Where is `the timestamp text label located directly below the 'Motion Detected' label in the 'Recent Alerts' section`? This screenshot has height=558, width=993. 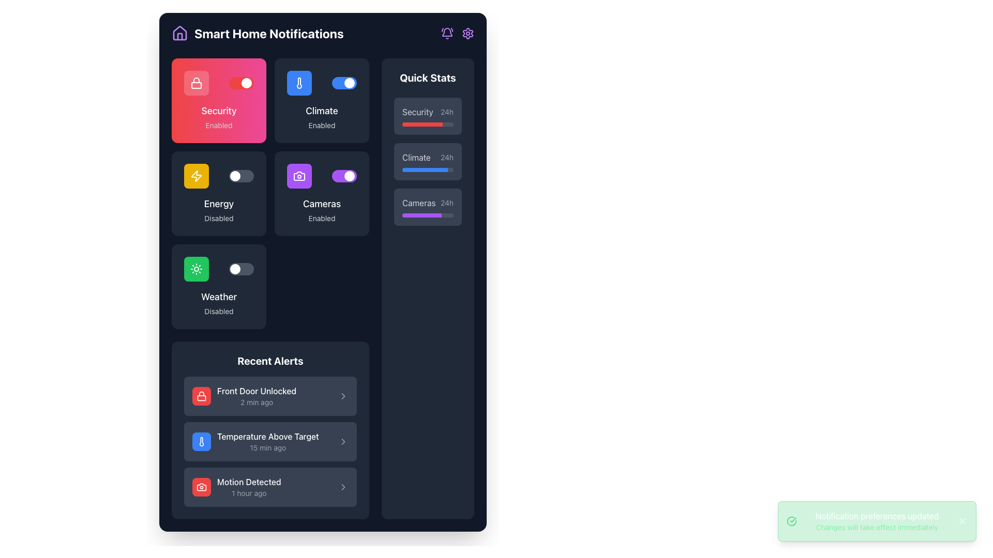 the timestamp text label located directly below the 'Motion Detected' label in the 'Recent Alerts' section is located at coordinates (249, 493).